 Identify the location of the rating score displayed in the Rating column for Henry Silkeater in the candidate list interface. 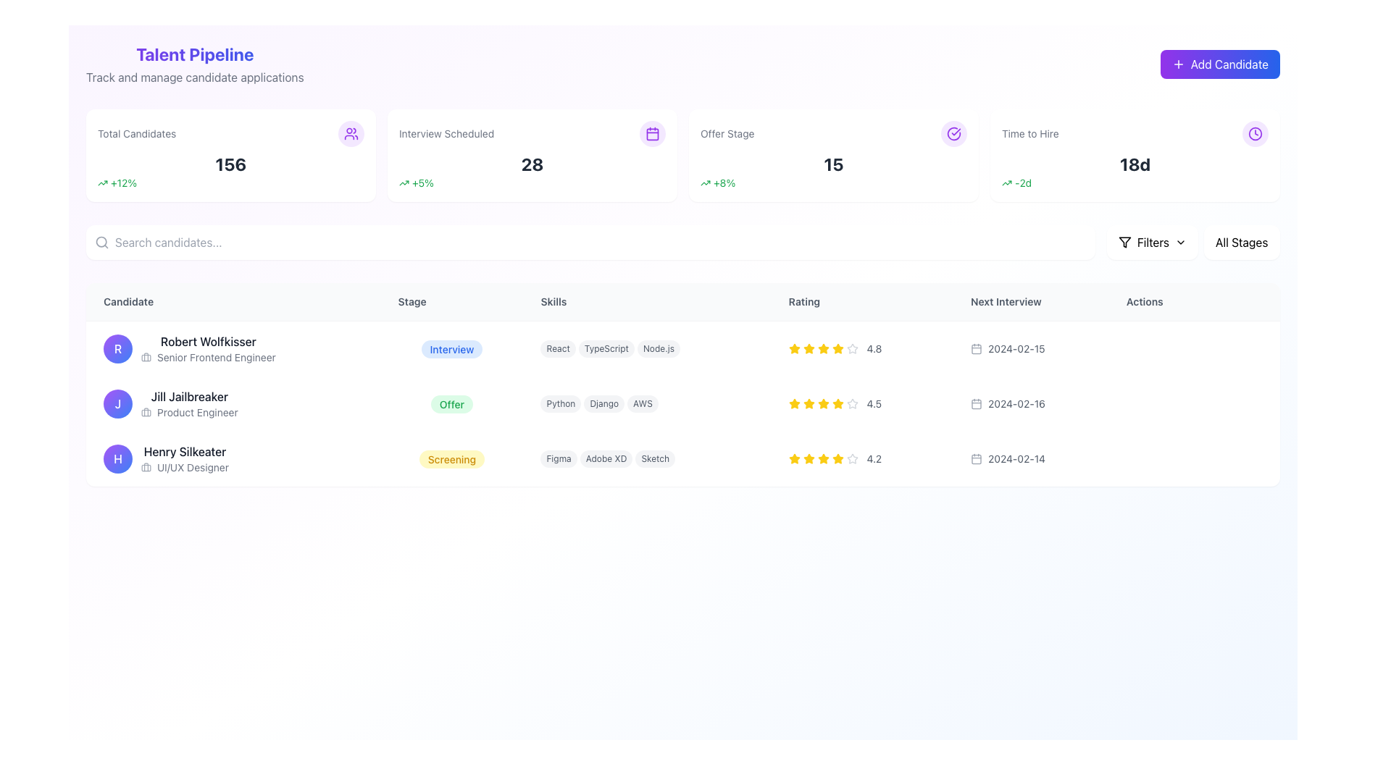
(862, 458).